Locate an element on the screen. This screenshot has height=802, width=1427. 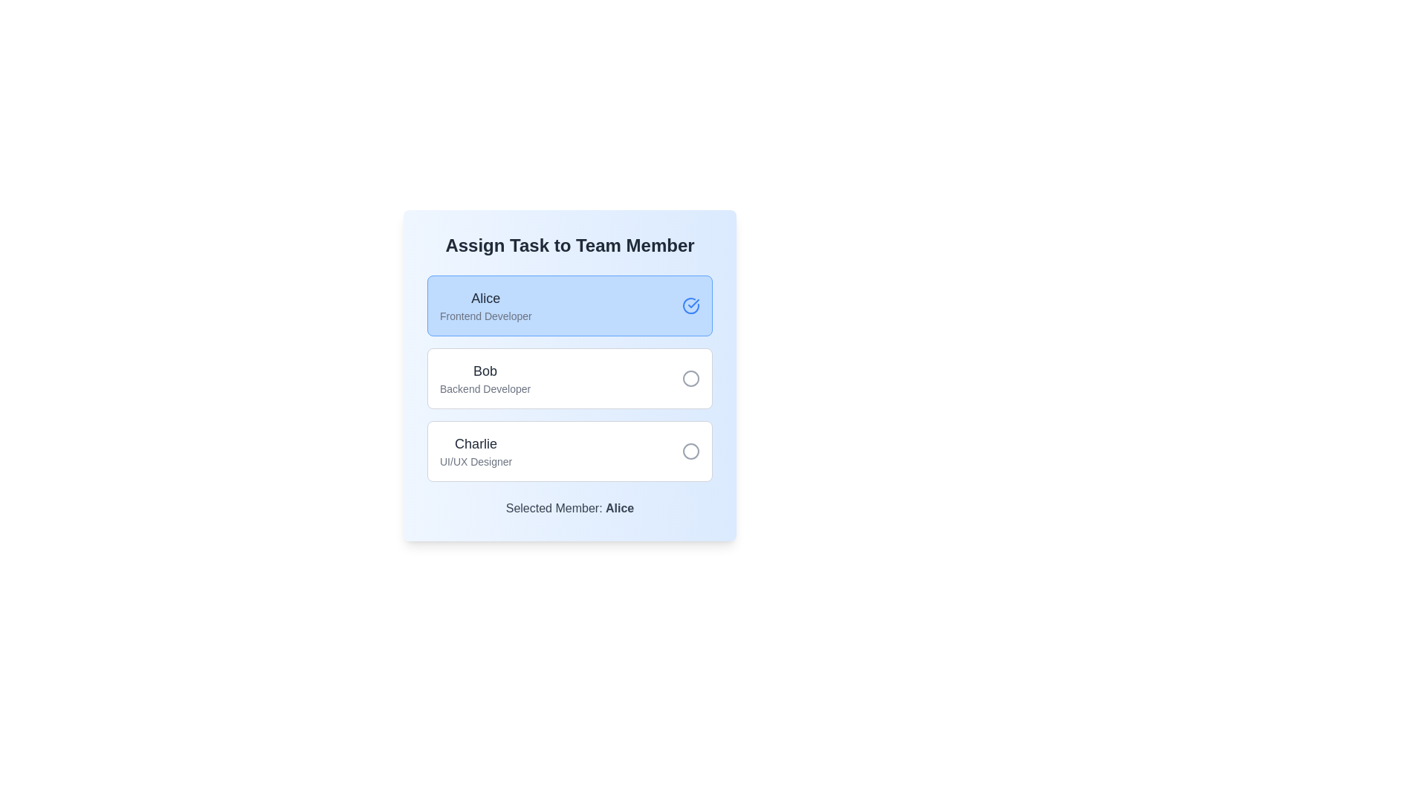
the text label that reads 'Selected Member: Alice', which is positioned below the selectable team member options is located at coordinates (569, 508).